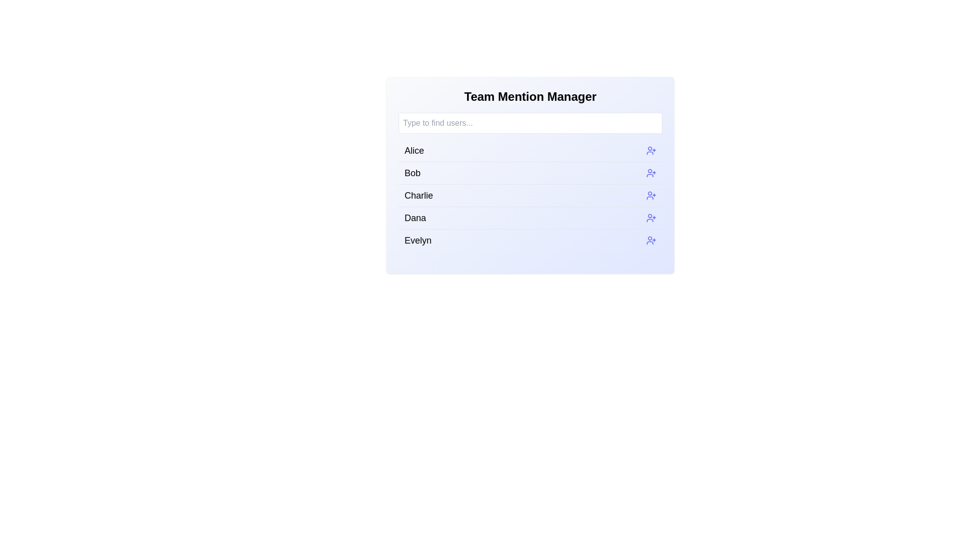 The width and height of the screenshot is (959, 539). Describe the element at coordinates (529, 175) in the screenshot. I see `the second selectable list item below the search bar in the centered card layout` at that location.